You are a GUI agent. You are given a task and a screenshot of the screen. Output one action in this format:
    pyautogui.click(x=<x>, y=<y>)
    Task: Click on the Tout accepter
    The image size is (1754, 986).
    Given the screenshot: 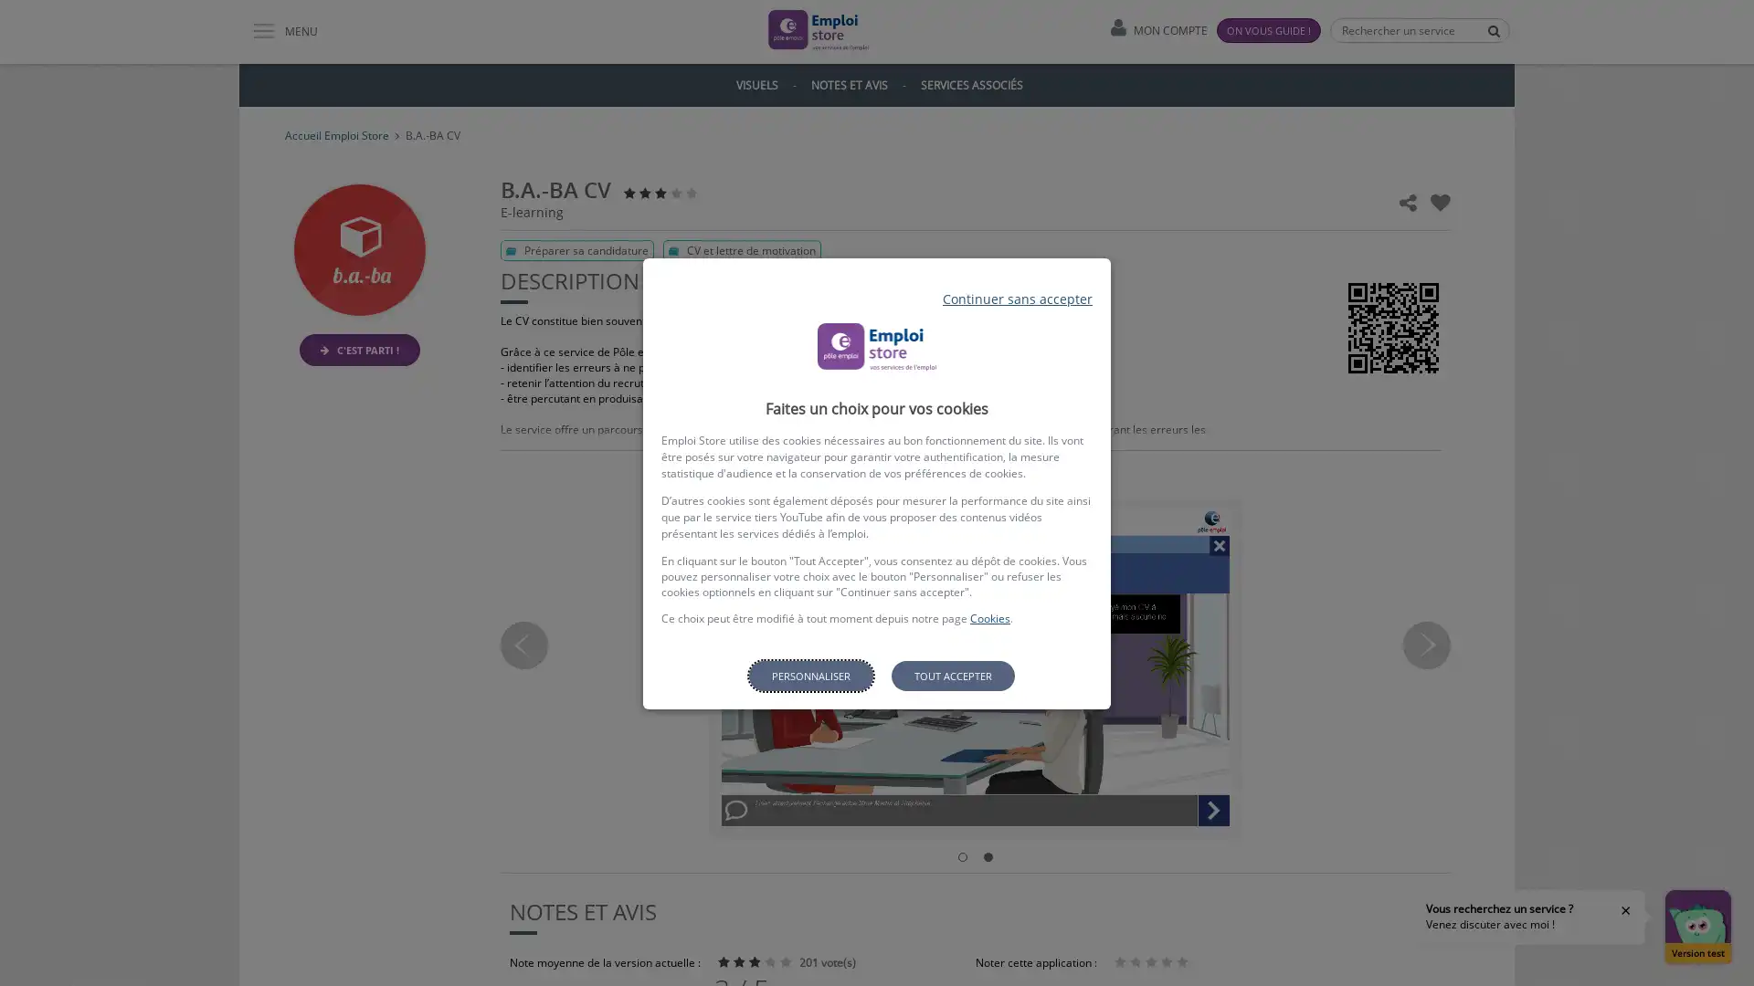 What is the action you would take?
    pyautogui.click(x=951, y=676)
    